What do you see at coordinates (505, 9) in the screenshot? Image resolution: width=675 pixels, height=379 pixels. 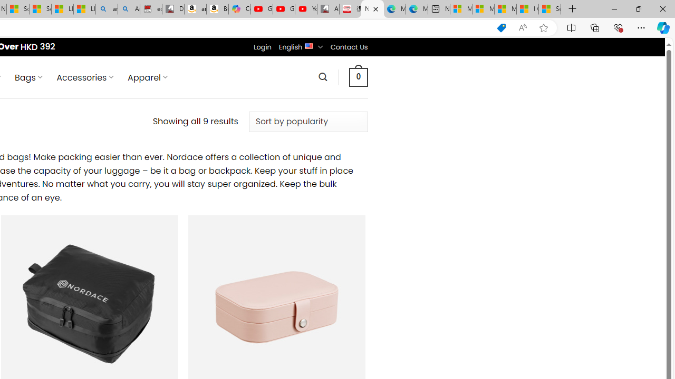 I see `'Microsoft Start'` at bounding box center [505, 9].